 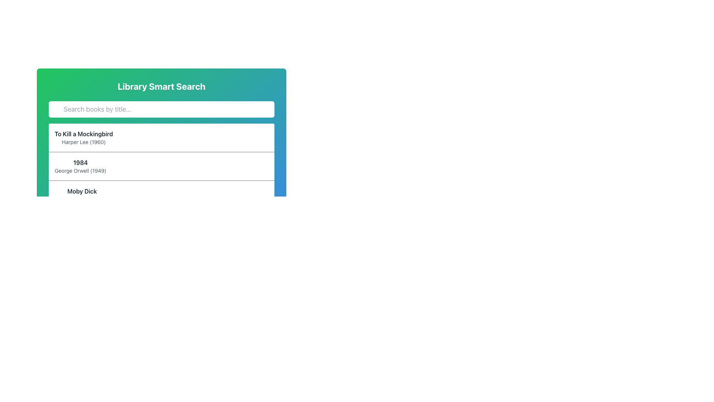 I want to click on the clickable list item representing the book entry titled 'To Kill a Mockingbird' by Harper Lee, so click(x=161, y=127).